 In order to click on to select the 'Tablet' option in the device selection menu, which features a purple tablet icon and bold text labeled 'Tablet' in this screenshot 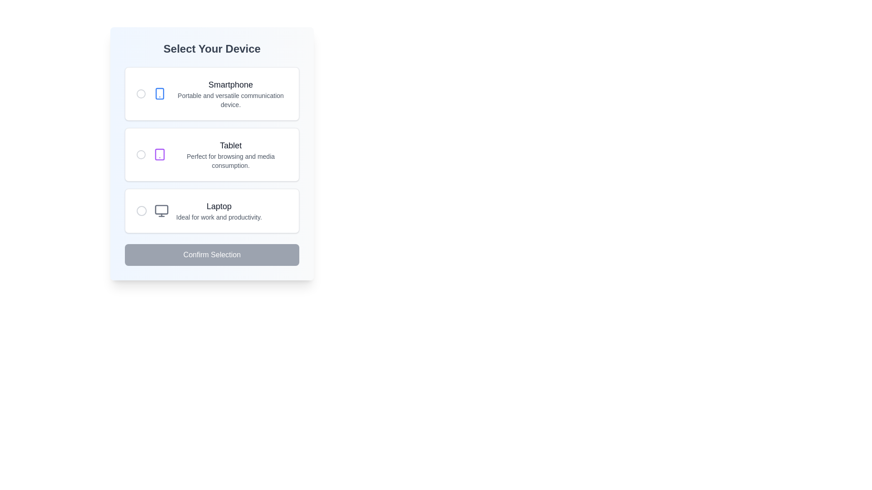, I will do `click(220, 154)`.